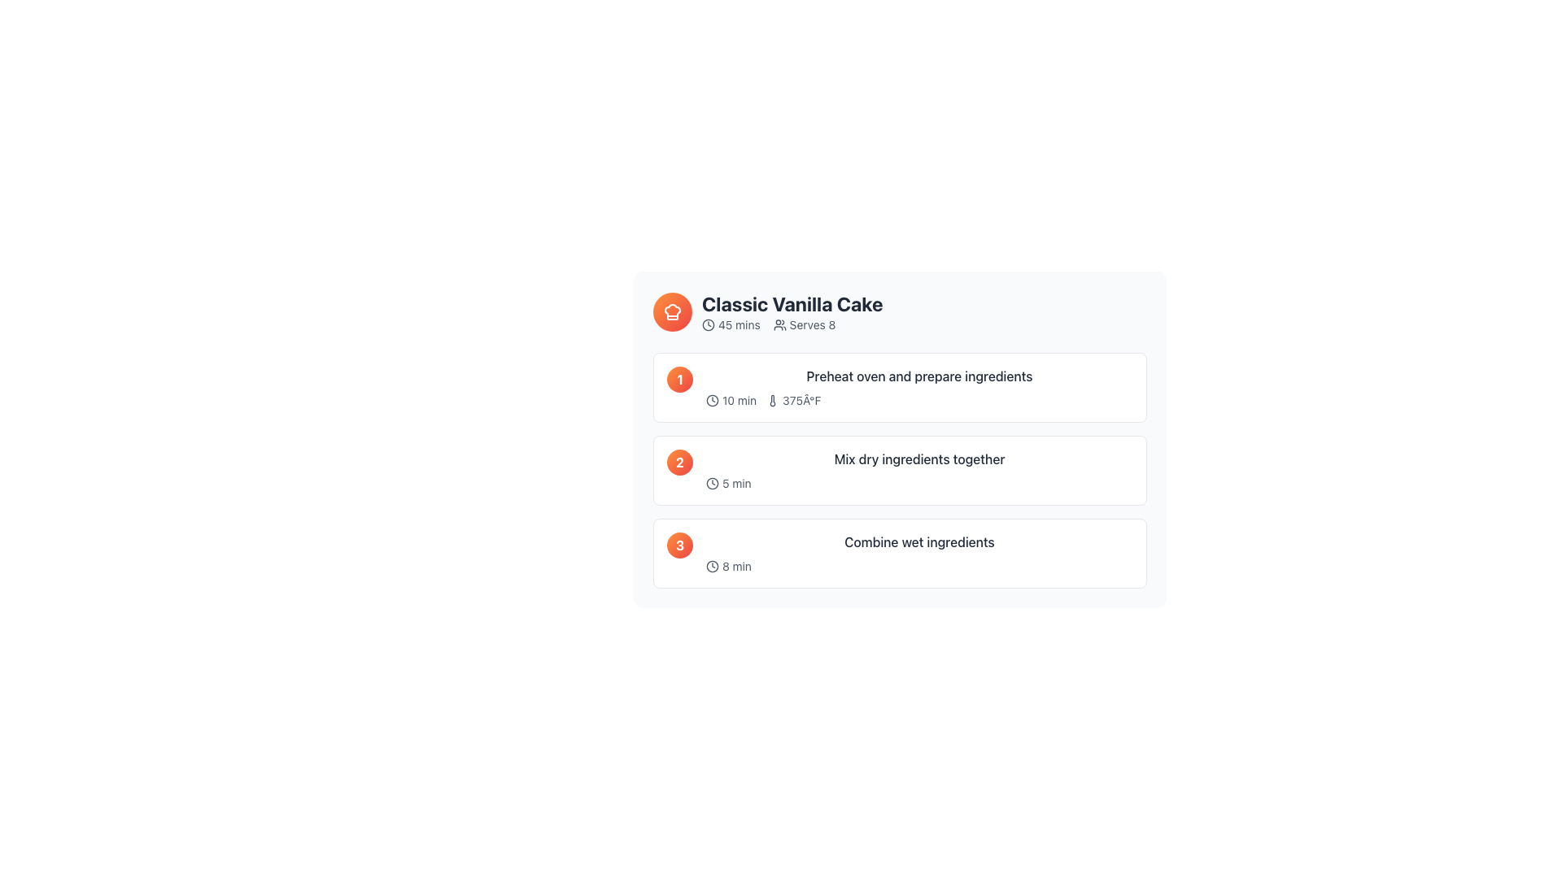  I want to click on instructional step text located under the label '2' in the vertical list of instructions, so click(919, 470).